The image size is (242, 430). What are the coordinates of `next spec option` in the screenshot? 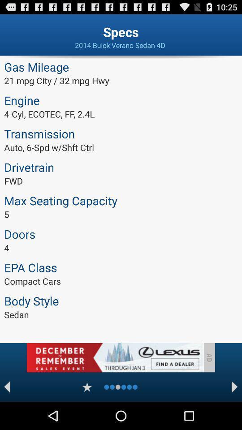 It's located at (234, 387).